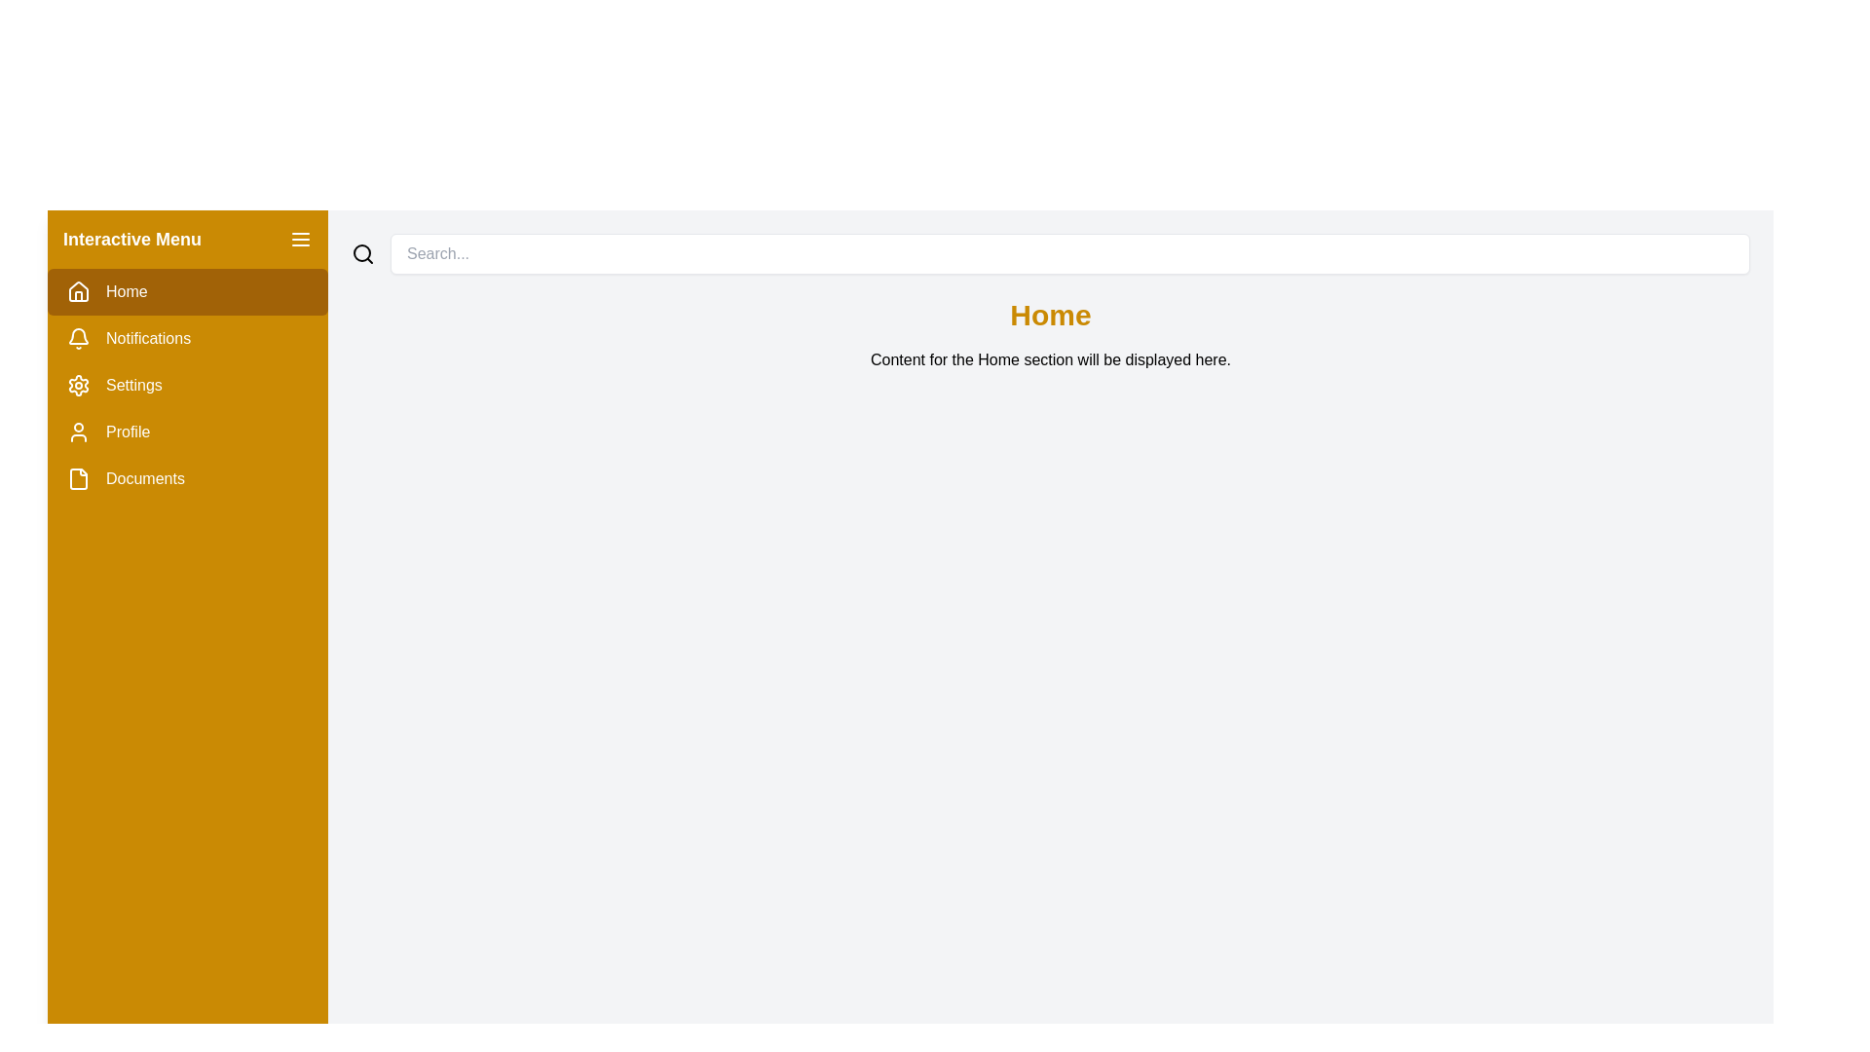  Describe the element at coordinates (127, 431) in the screenshot. I see `the 'Profile' text label in the fourth row of the left-hand navigation panel` at that location.